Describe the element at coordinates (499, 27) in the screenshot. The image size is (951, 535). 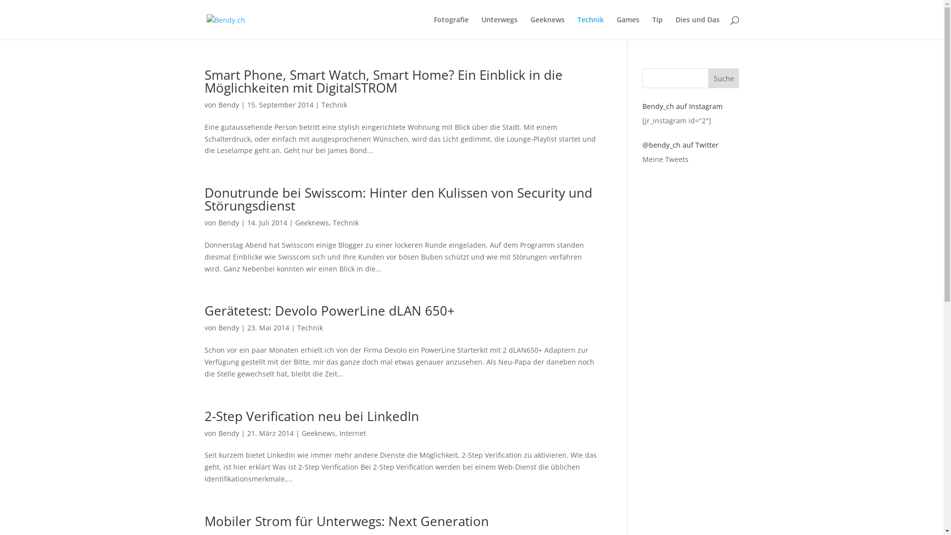
I see `'Unterwegs'` at that location.